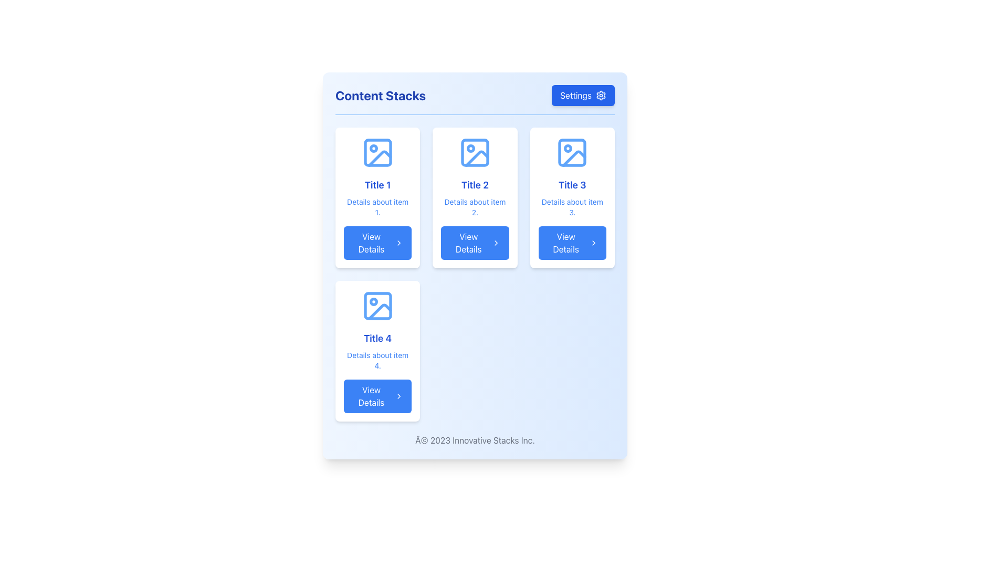  I want to click on the decorative icon related to the image representation in the card titled 'Title 3', located at the upper region of the card's content area, so click(574, 159).